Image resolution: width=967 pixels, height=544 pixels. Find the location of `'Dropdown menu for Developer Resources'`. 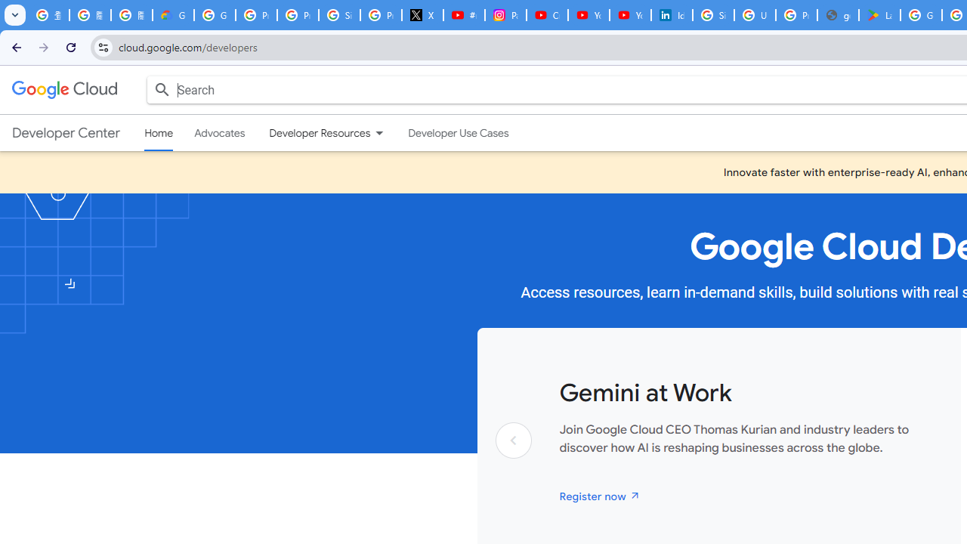

'Dropdown menu for Developer Resources' is located at coordinates (379, 132).